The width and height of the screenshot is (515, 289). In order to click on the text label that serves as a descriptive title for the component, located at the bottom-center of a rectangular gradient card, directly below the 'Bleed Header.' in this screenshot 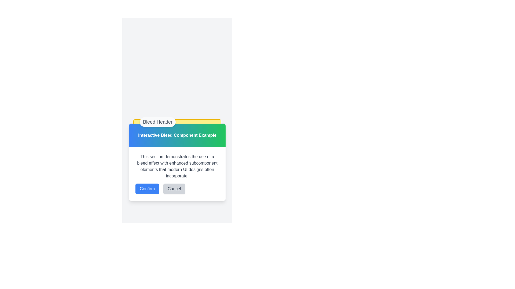, I will do `click(177, 135)`.